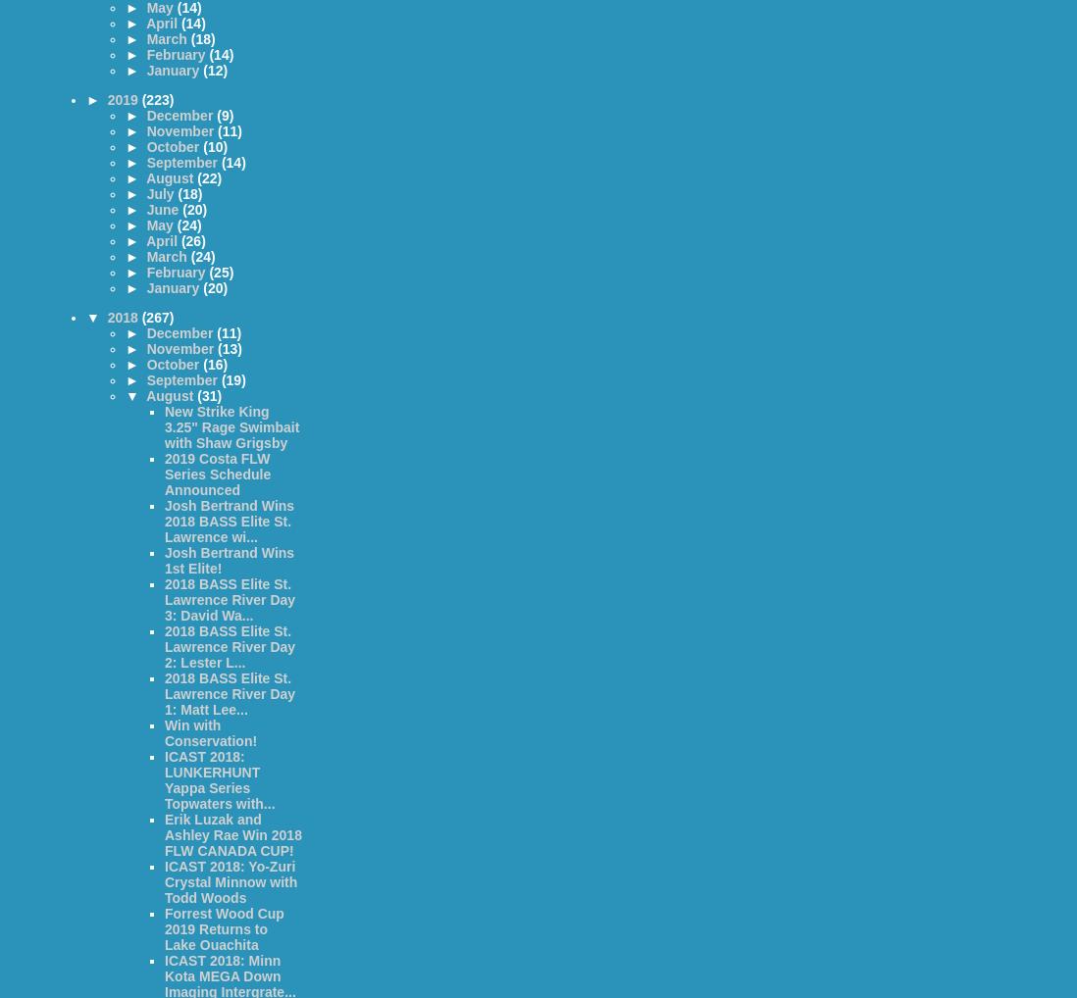 The width and height of the screenshot is (1077, 998). What do you see at coordinates (216, 114) in the screenshot?
I see `'(9)'` at bounding box center [216, 114].